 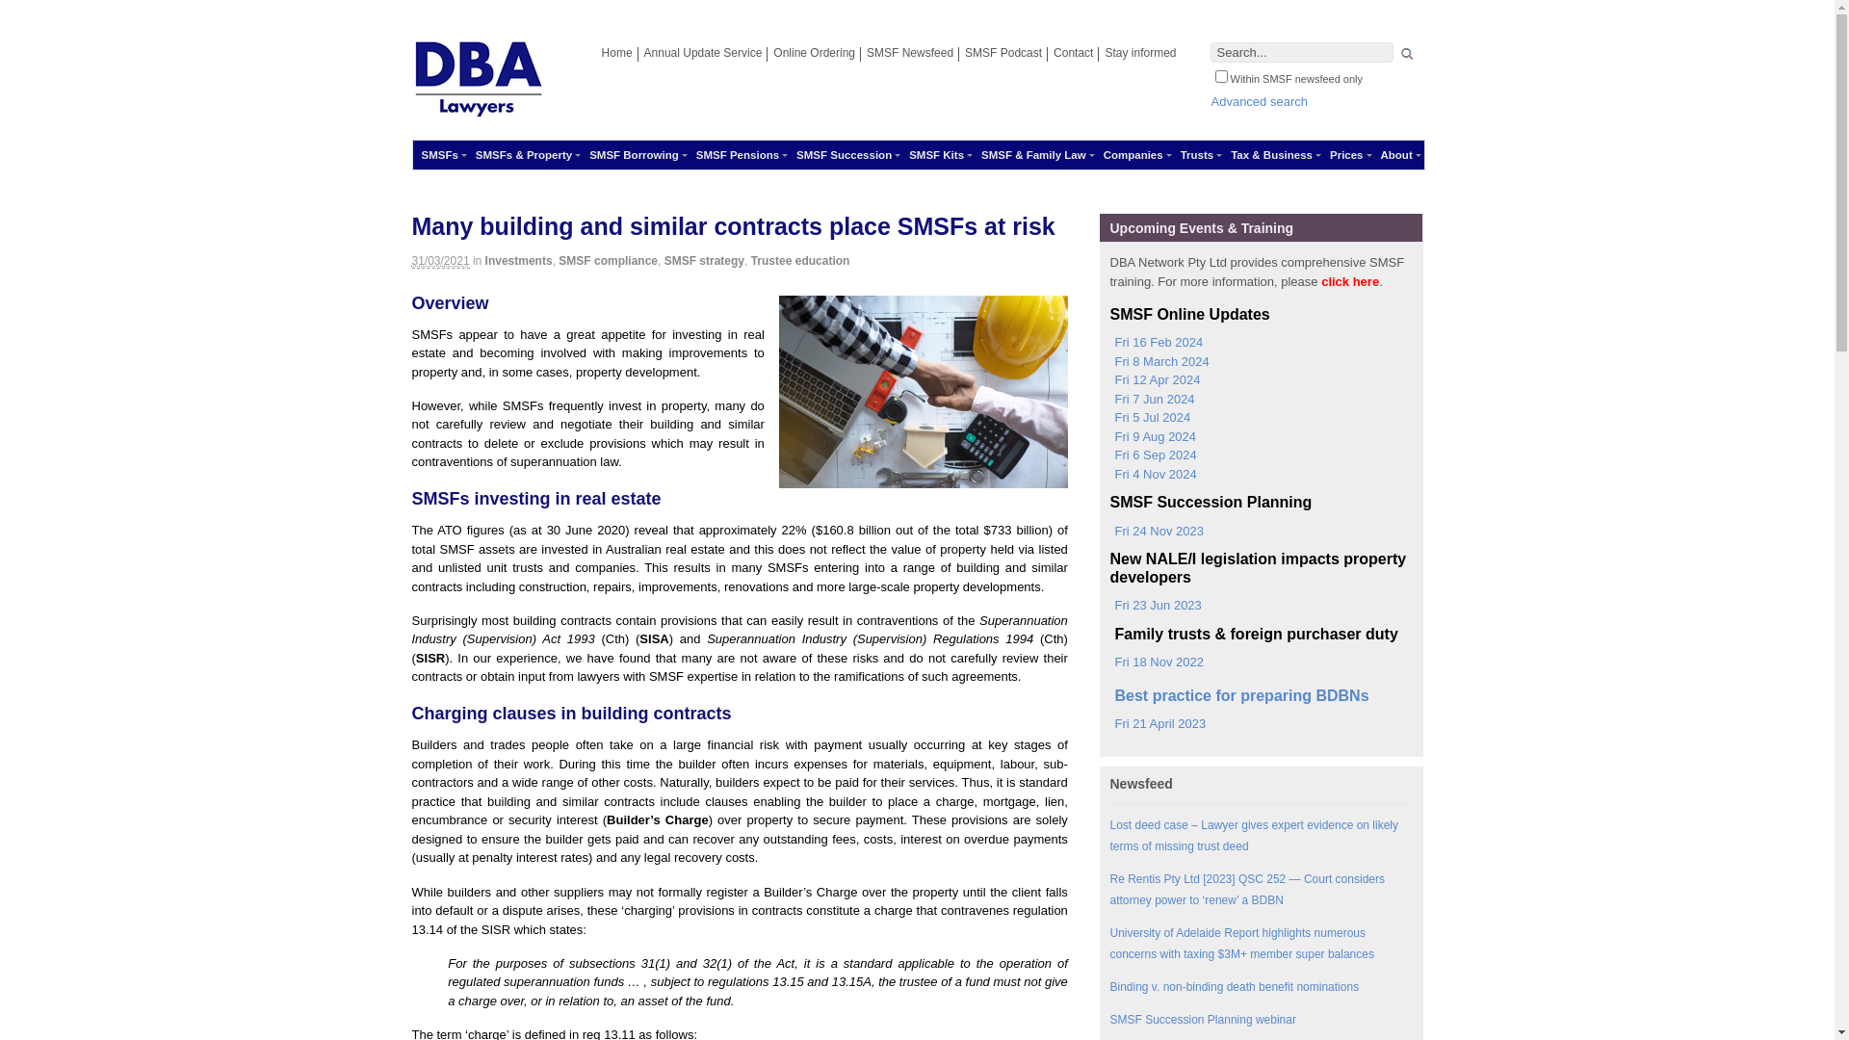 I want to click on 'Leading SMSF Law Firm', so click(x=479, y=110).